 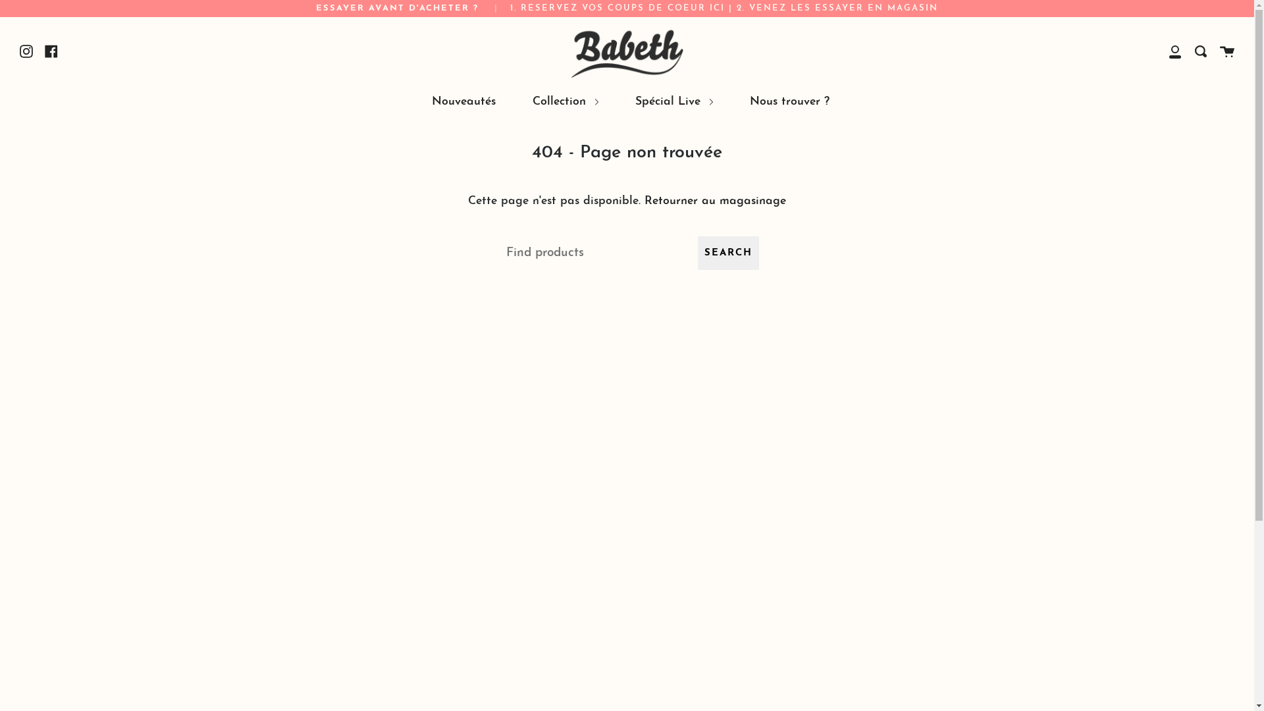 What do you see at coordinates (51, 50) in the screenshot?
I see `'Facebook'` at bounding box center [51, 50].